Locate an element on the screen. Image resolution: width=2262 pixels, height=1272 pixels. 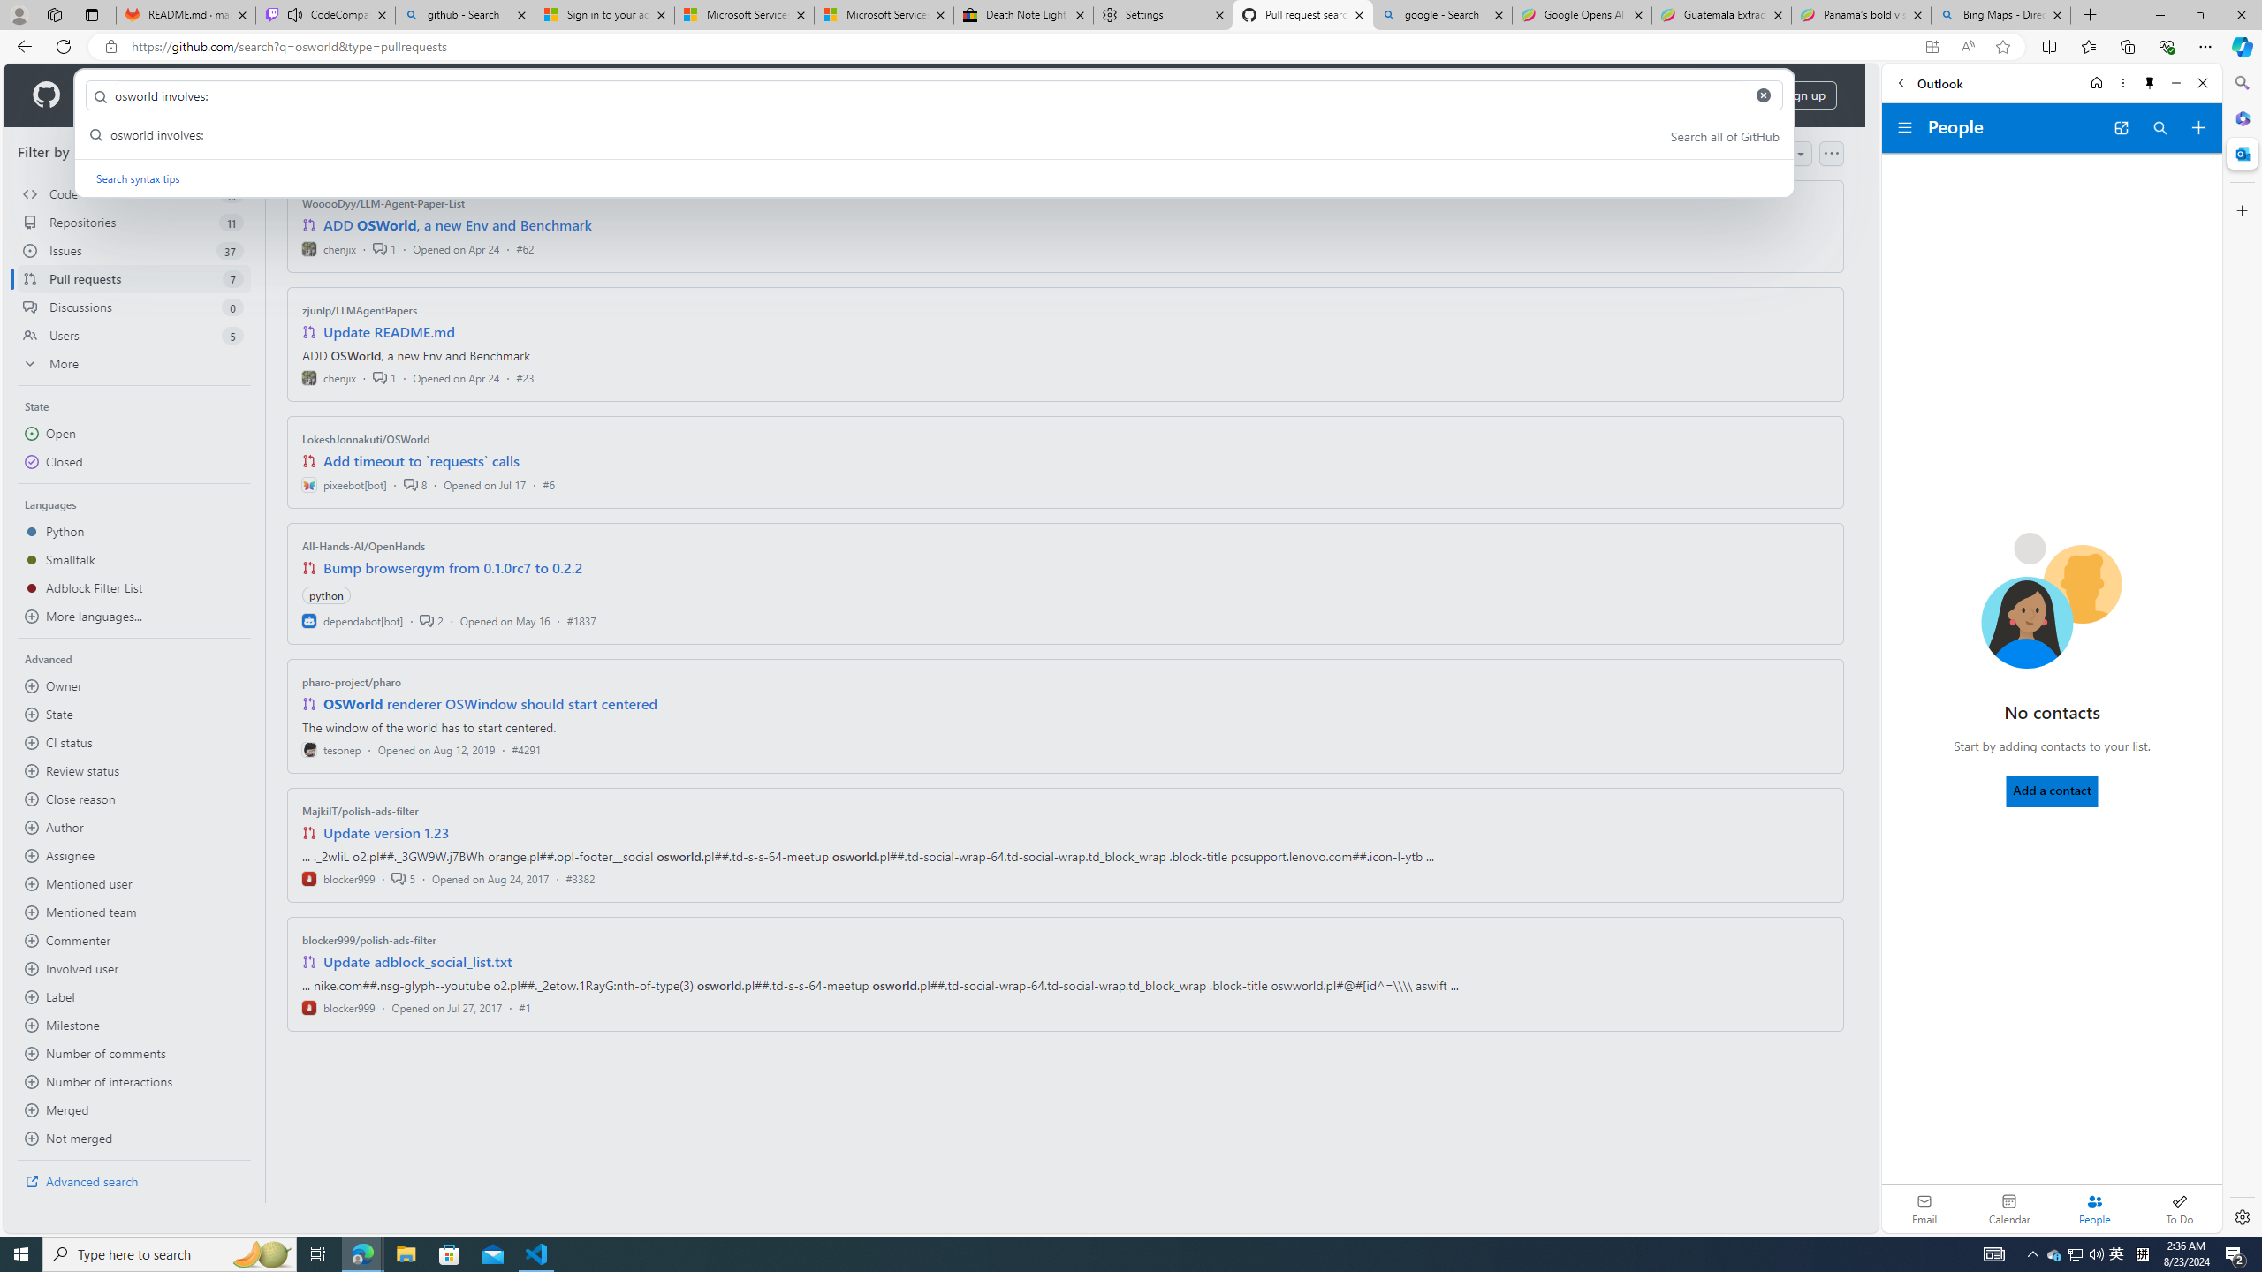
'LokeshJonnakuti/OSWorld' is located at coordinates (365, 437).